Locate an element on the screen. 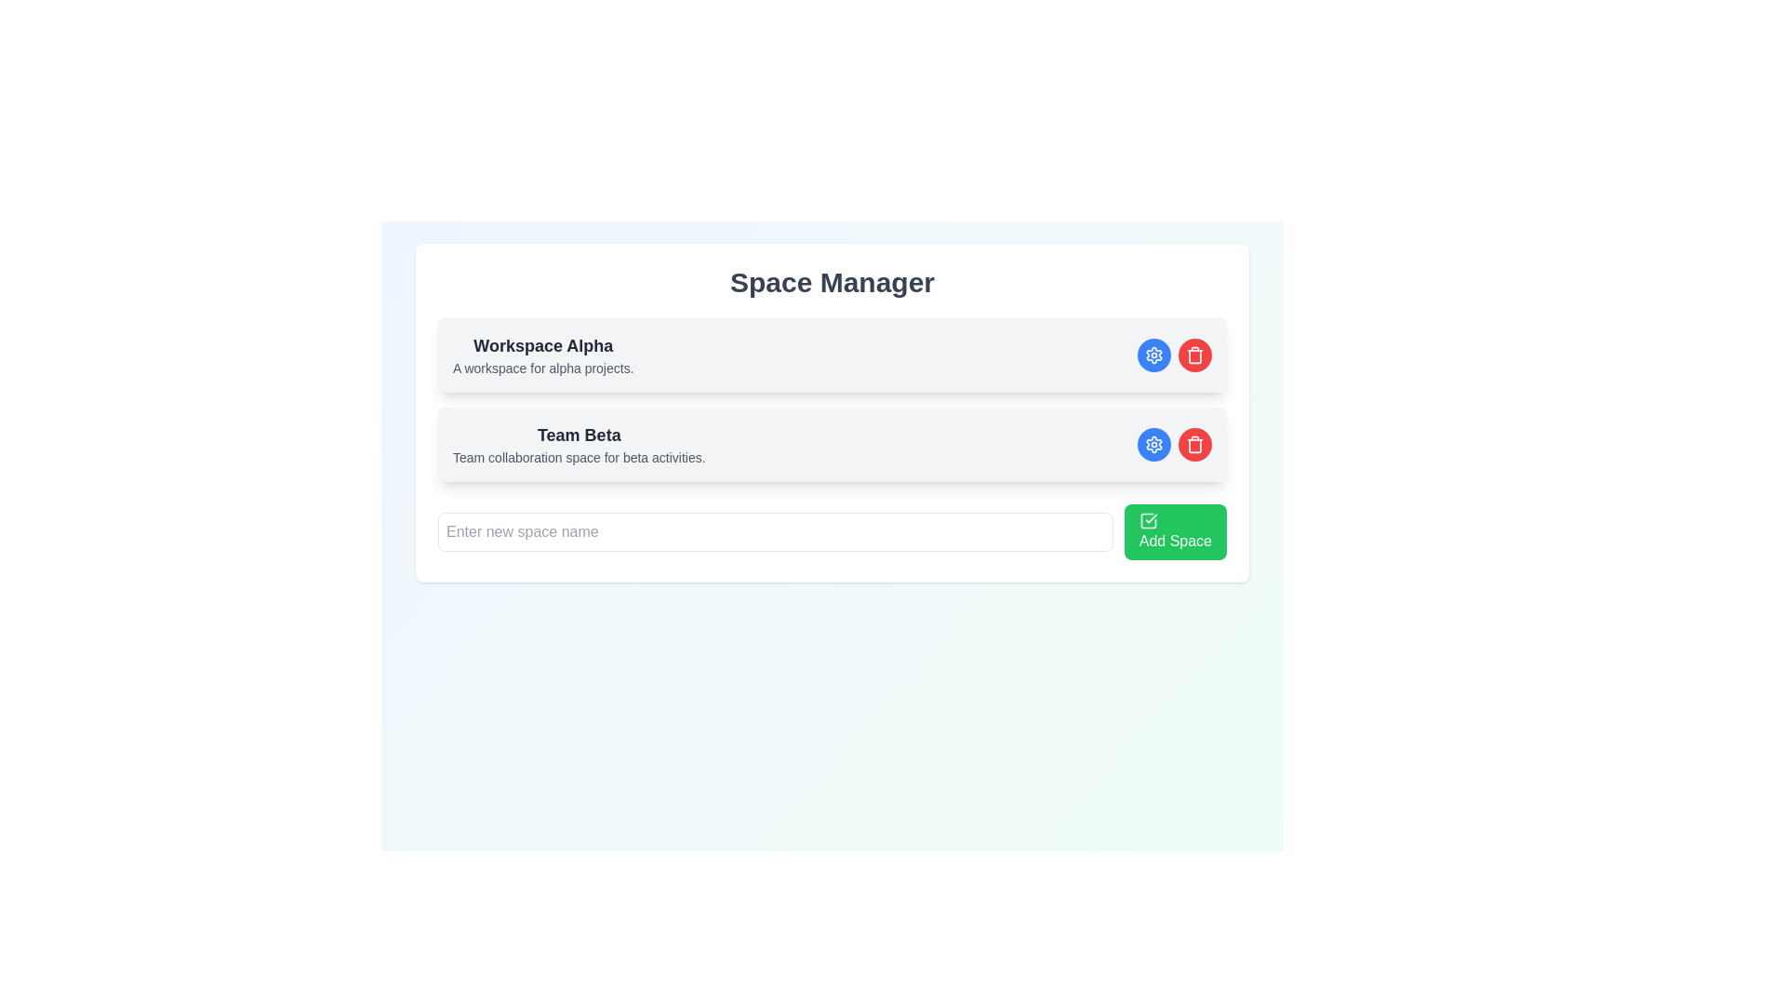  the header text element identified as 'Space Manager' is located at coordinates (831, 283).